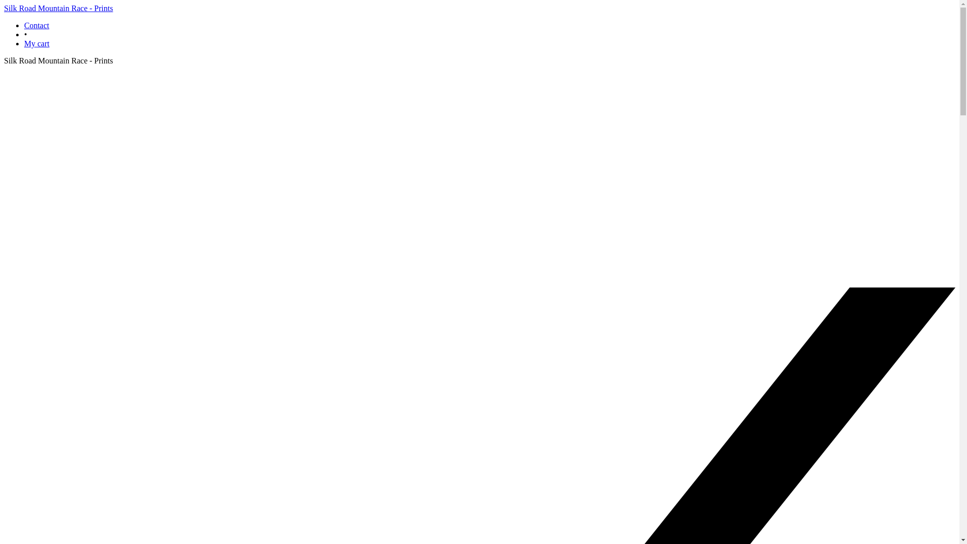  What do you see at coordinates (57, 8) in the screenshot?
I see `'Silk Road Mountain Race - Prints'` at bounding box center [57, 8].